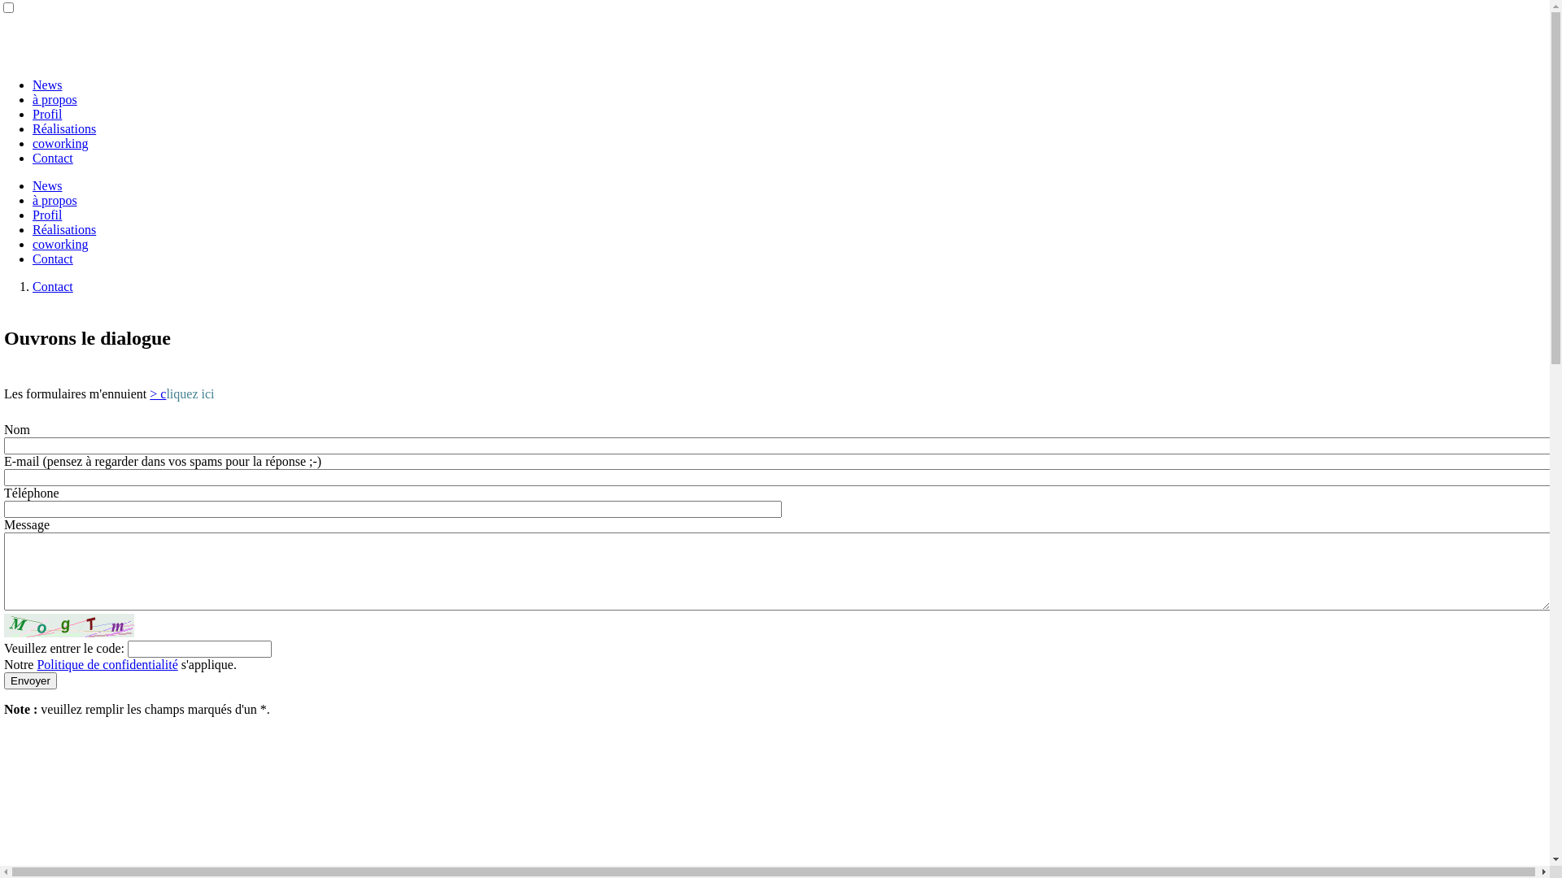 The width and height of the screenshot is (1562, 878). I want to click on 'News', so click(46, 85).